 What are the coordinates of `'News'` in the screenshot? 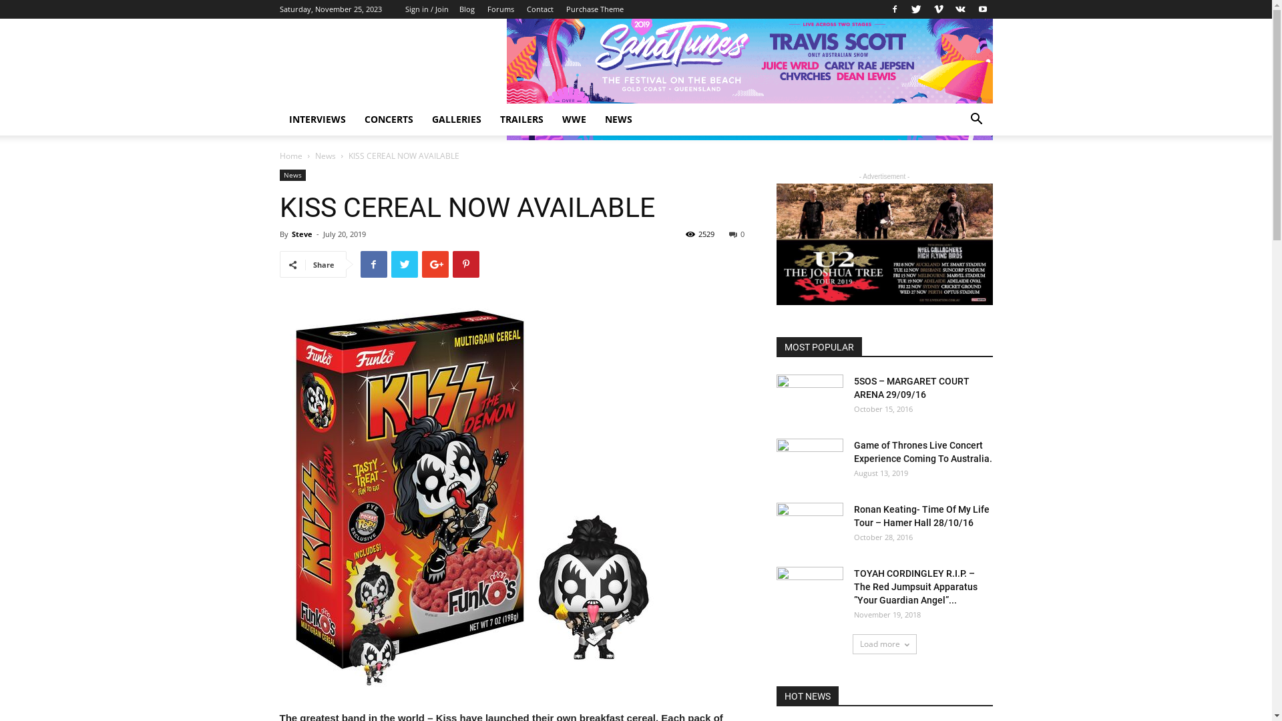 It's located at (291, 174).